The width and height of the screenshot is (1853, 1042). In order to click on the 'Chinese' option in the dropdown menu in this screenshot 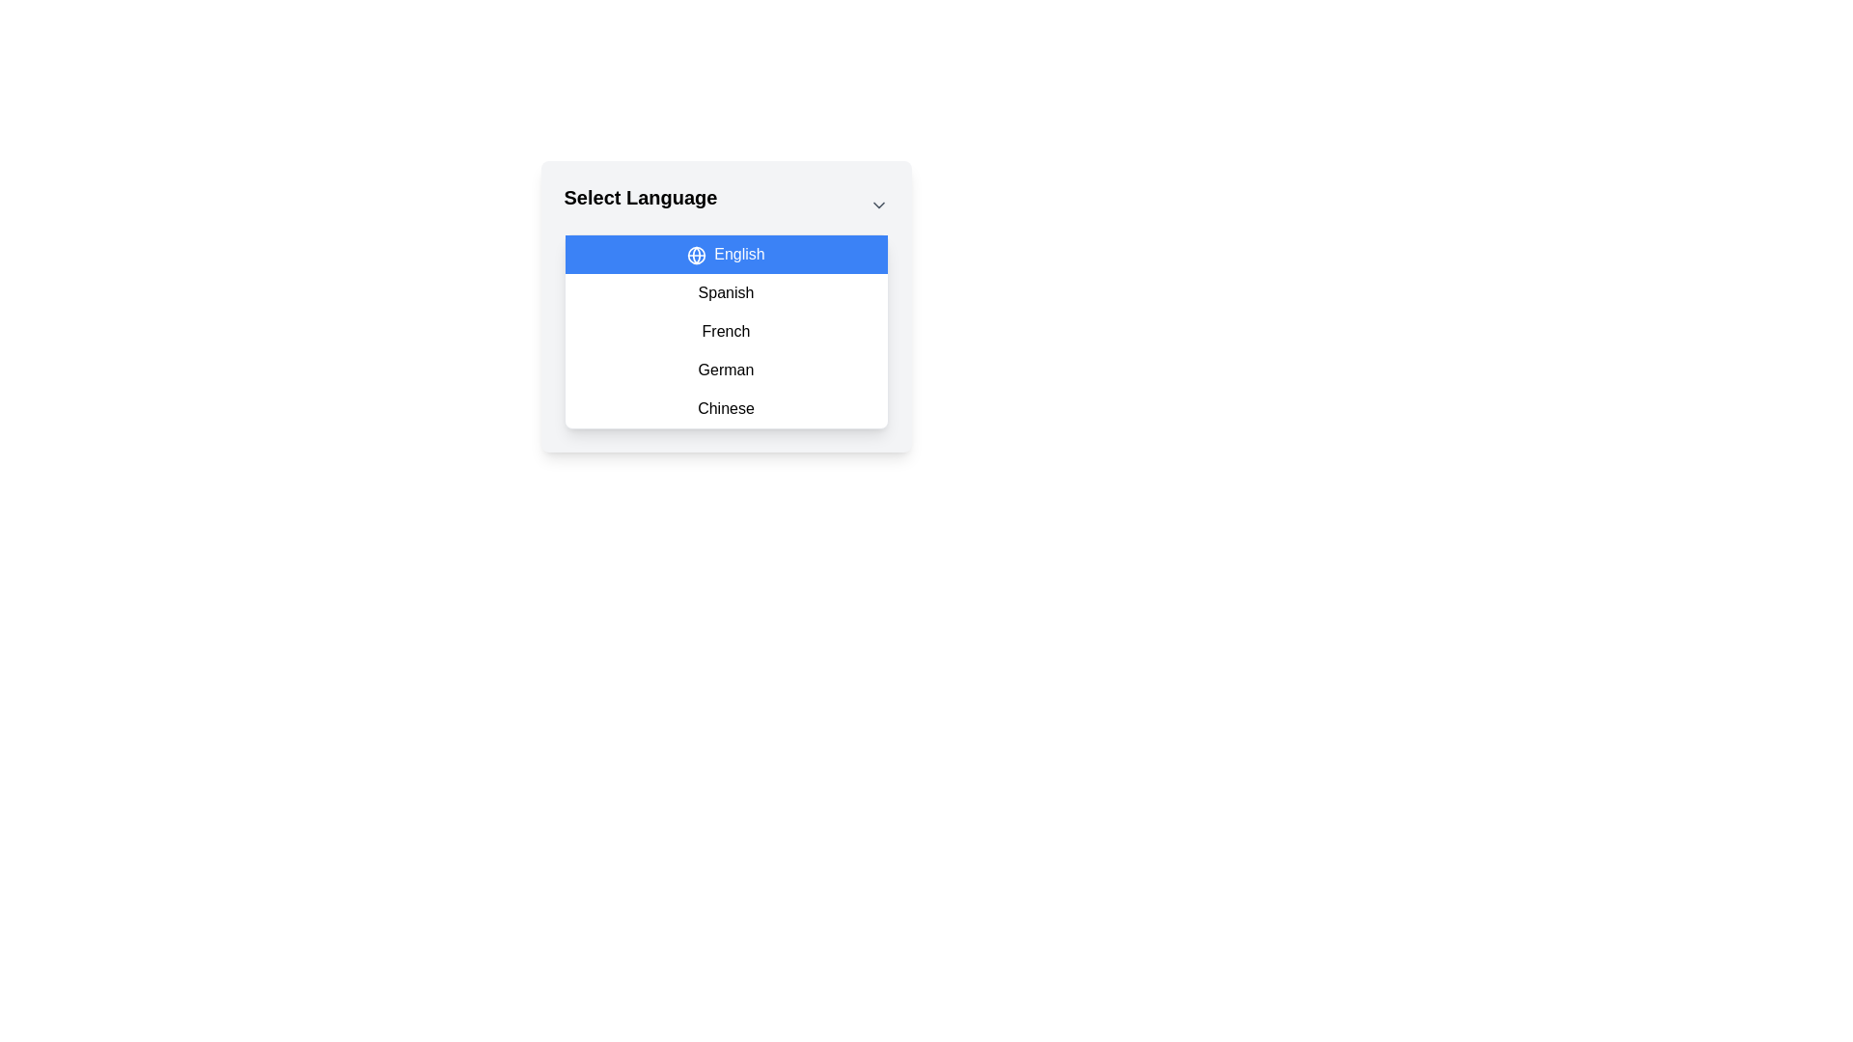, I will do `click(725, 408)`.